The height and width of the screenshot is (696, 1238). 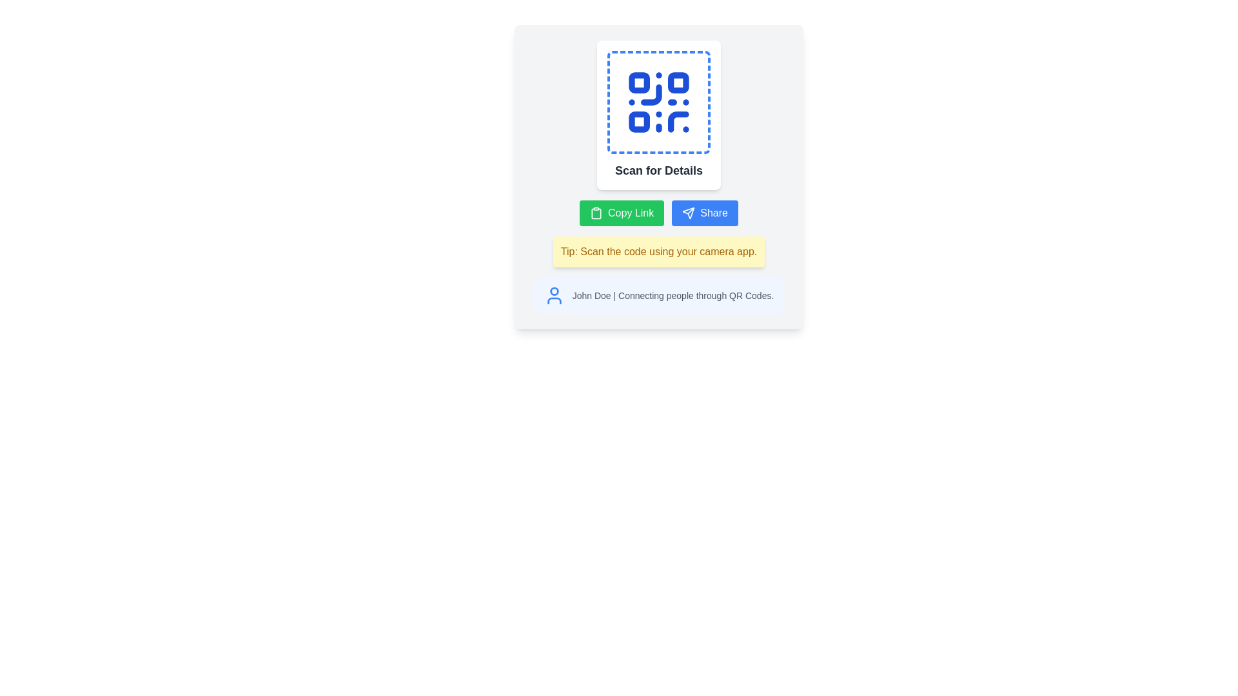 What do you see at coordinates (659, 251) in the screenshot?
I see `the yellow notification box that contains the text 'Tip: Scan the code using your camera app.'` at bounding box center [659, 251].